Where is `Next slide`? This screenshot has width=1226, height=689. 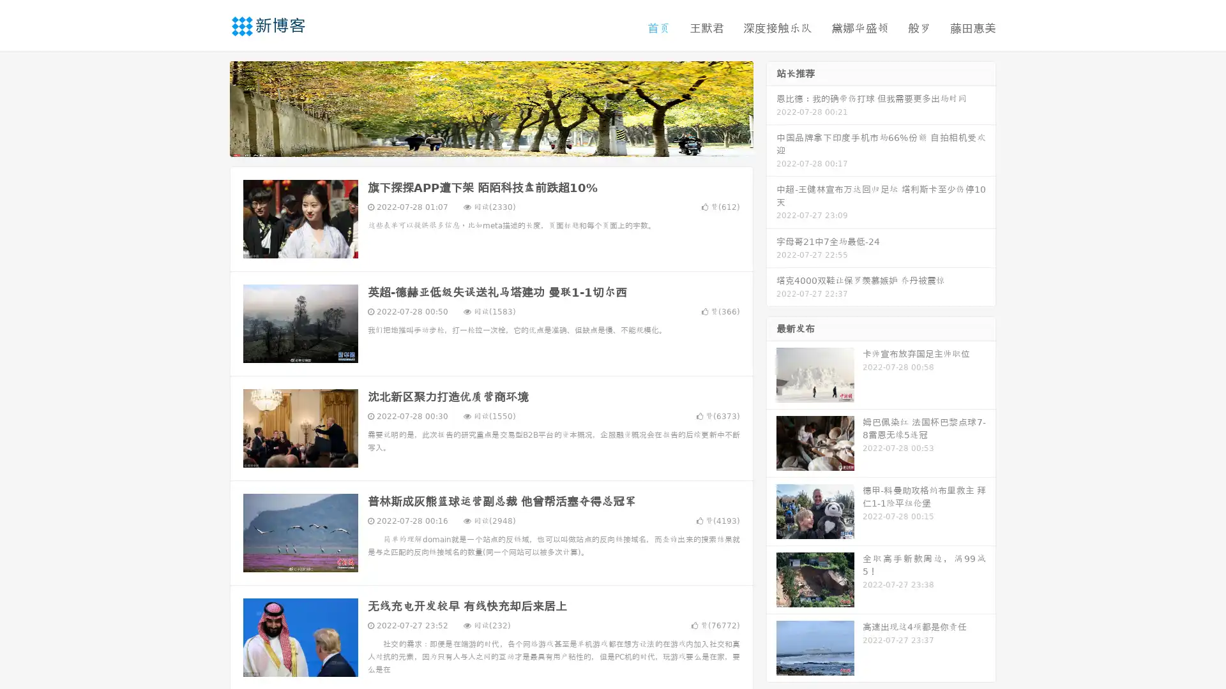
Next slide is located at coordinates (771, 107).